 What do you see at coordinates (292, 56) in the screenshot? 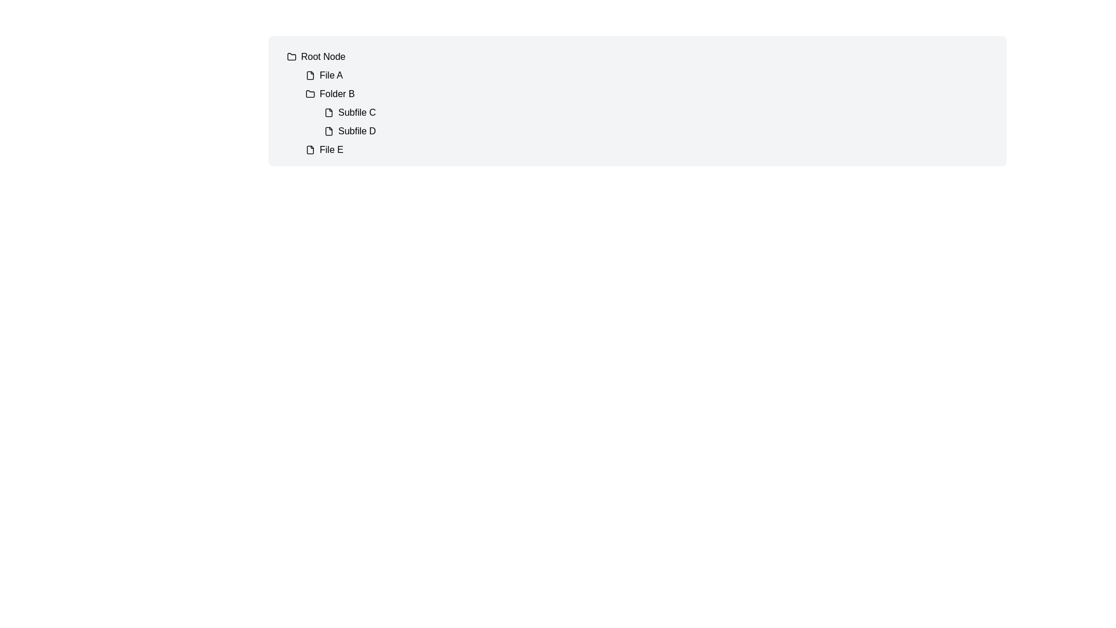
I see `the folder icon, which is styled with a thin outline and positioned to the immediate left of the text 'Root Node'` at bounding box center [292, 56].